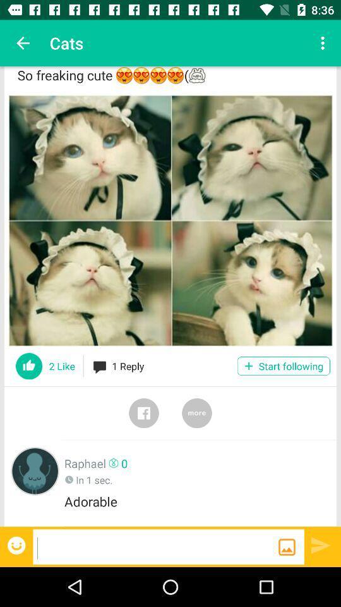  What do you see at coordinates (23, 43) in the screenshot?
I see `item next to the cats app` at bounding box center [23, 43].